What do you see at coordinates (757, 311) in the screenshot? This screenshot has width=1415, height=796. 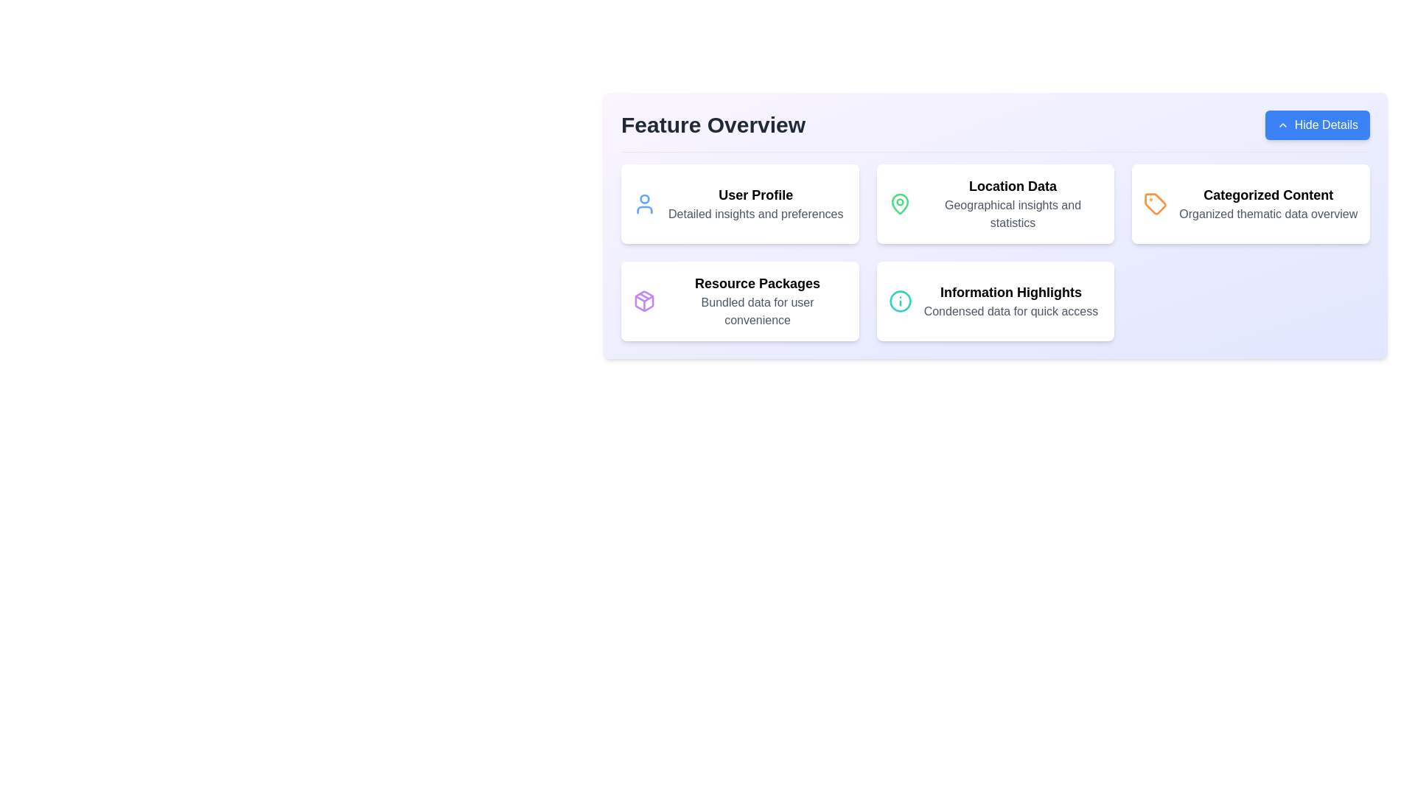 I see `the text label that reads 'Bundled data for user convenience', which is styled in gray sans-serif font and located below the heading 'Resource Packages' in the second row of a four-item grid` at bounding box center [757, 311].